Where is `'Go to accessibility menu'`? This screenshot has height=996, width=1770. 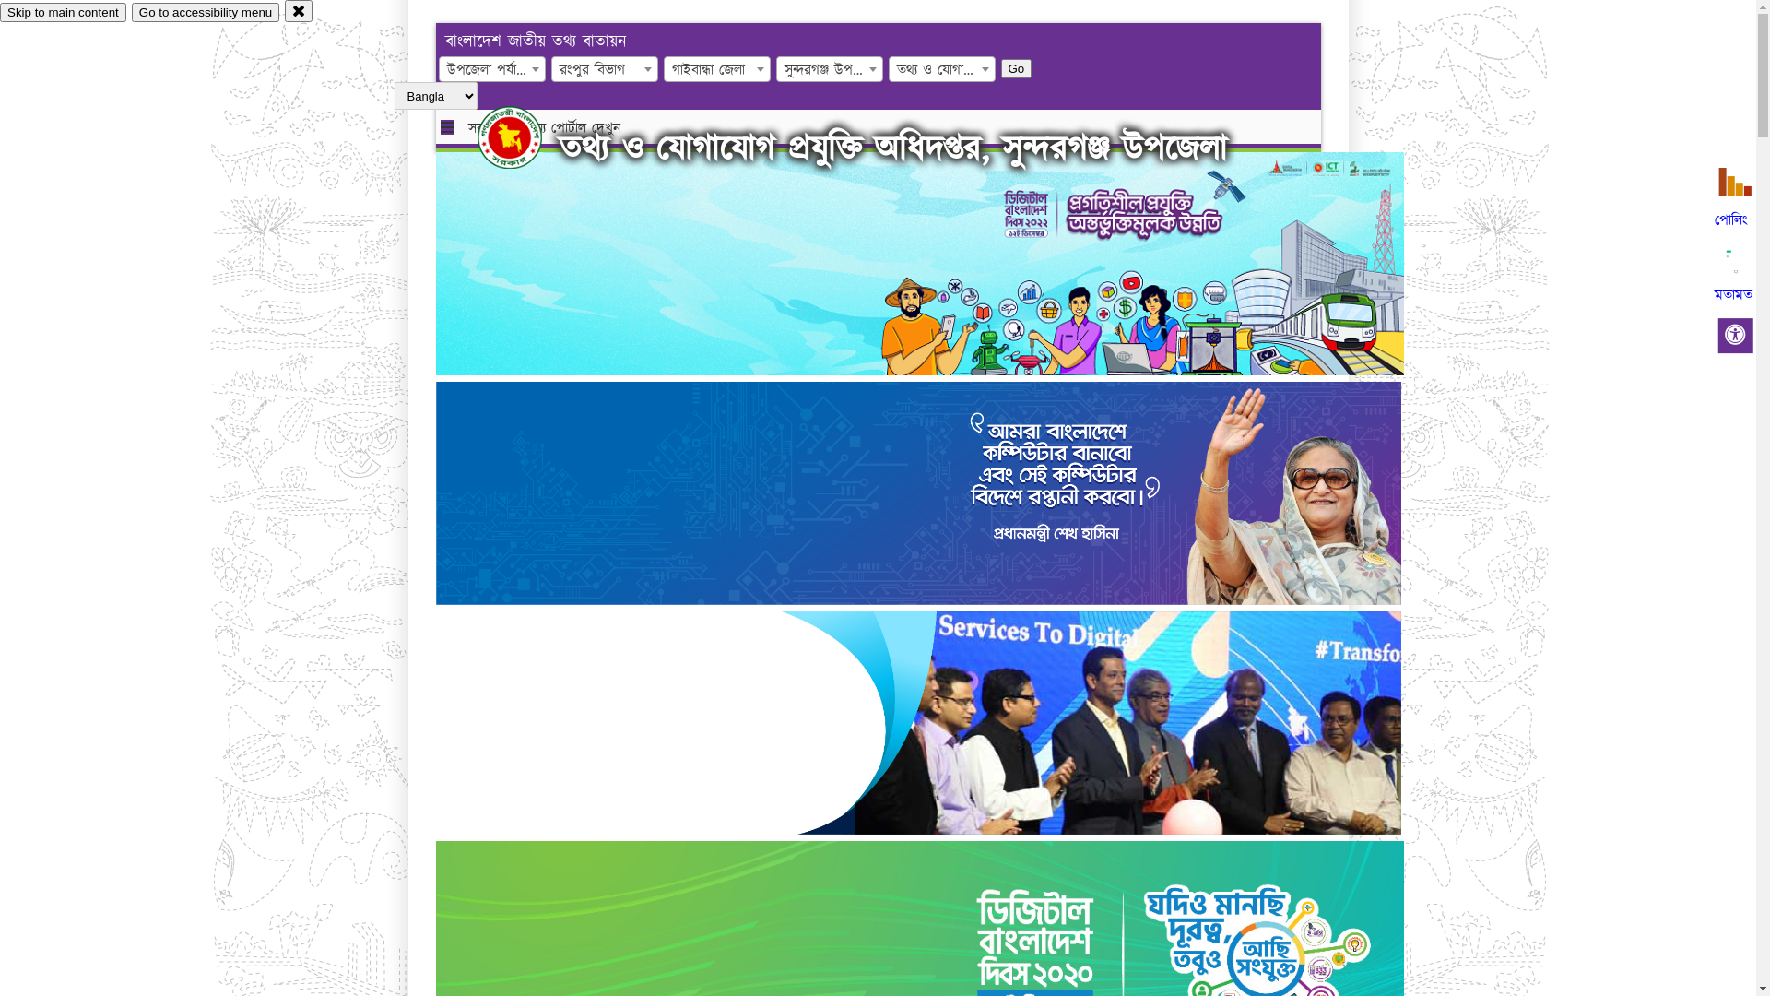 'Go to accessibility menu' is located at coordinates (205, 12).